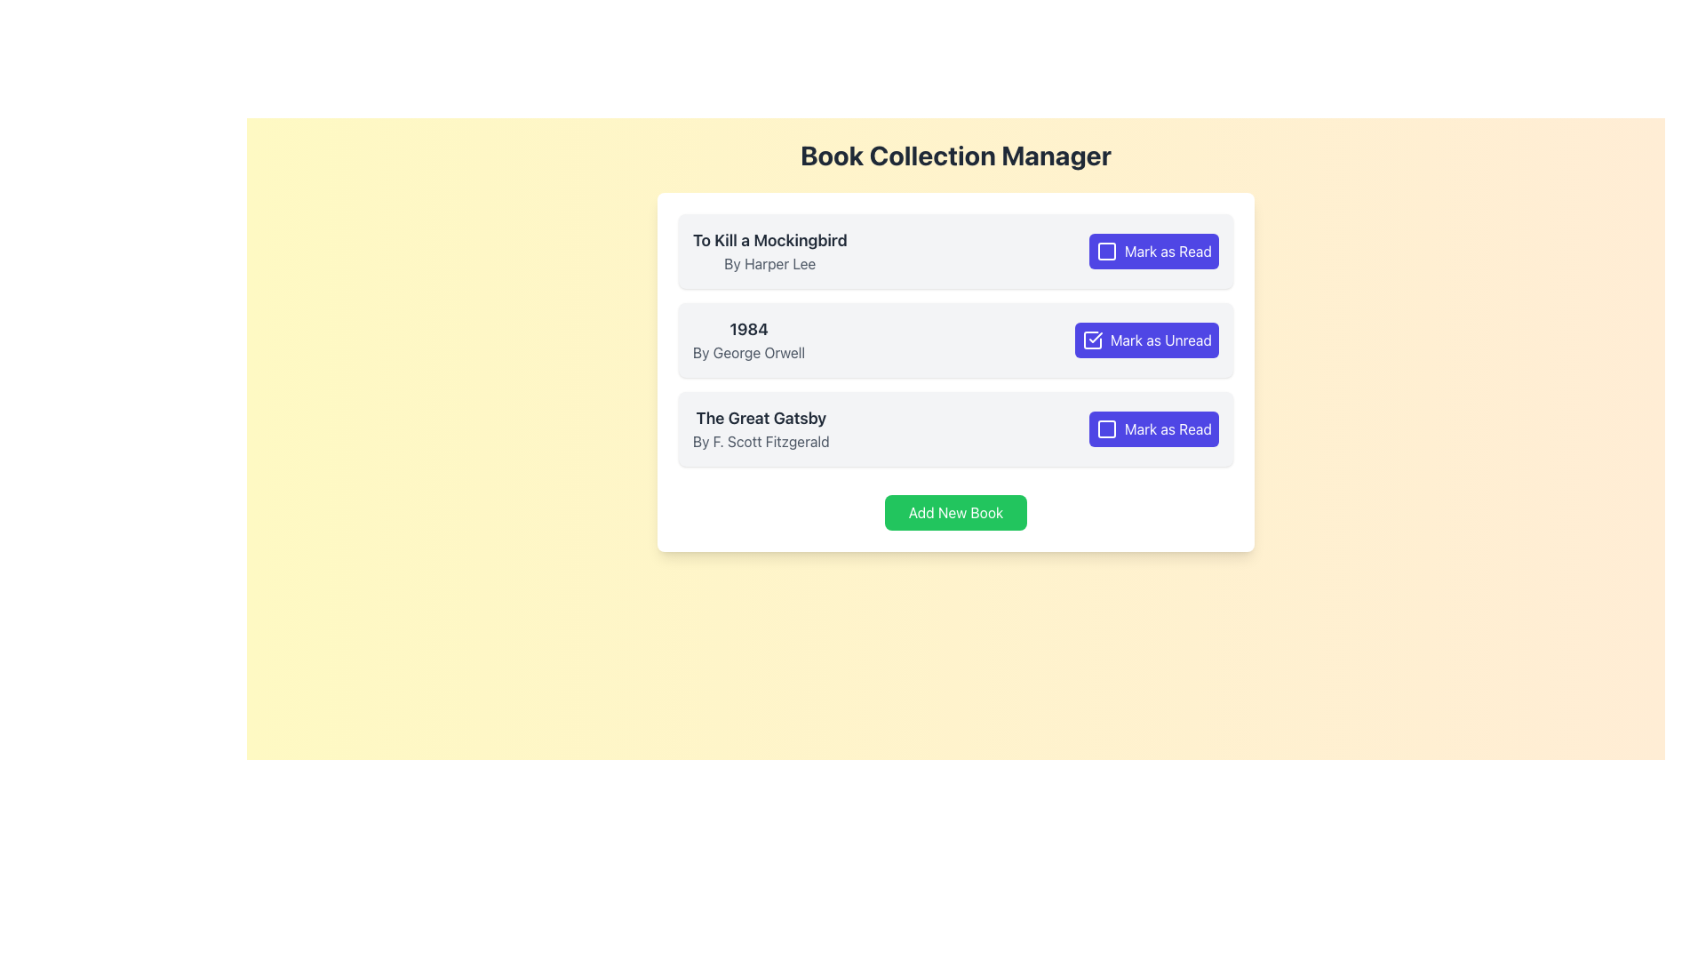 The width and height of the screenshot is (1706, 960). What do you see at coordinates (1153, 251) in the screenshot?
I see `the 'Mark as Read' button with a bold indigo background and white text` at bounding box center [1153, 251].